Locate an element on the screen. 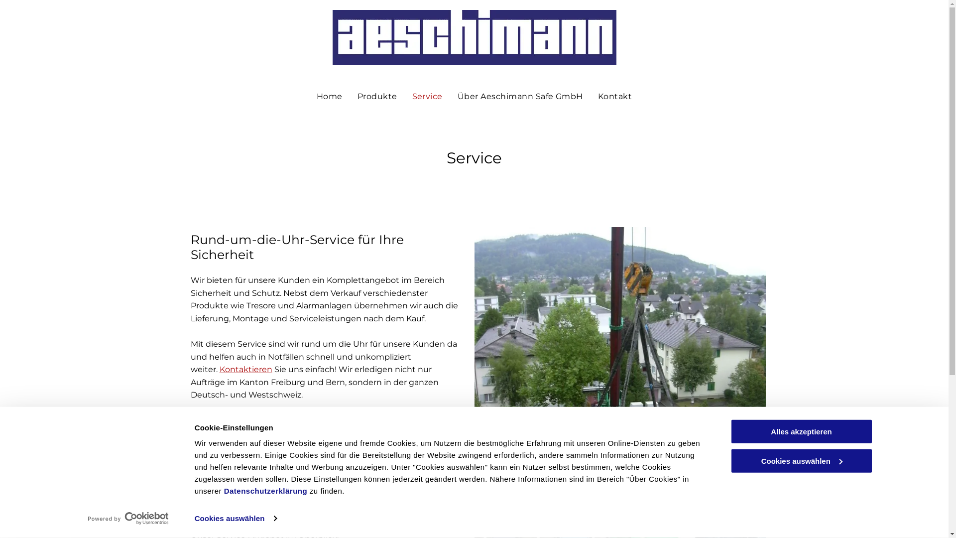 Image resolution: width=956 pixels, height=538 pixels. 'Service' is located at coordinates (427, 96).